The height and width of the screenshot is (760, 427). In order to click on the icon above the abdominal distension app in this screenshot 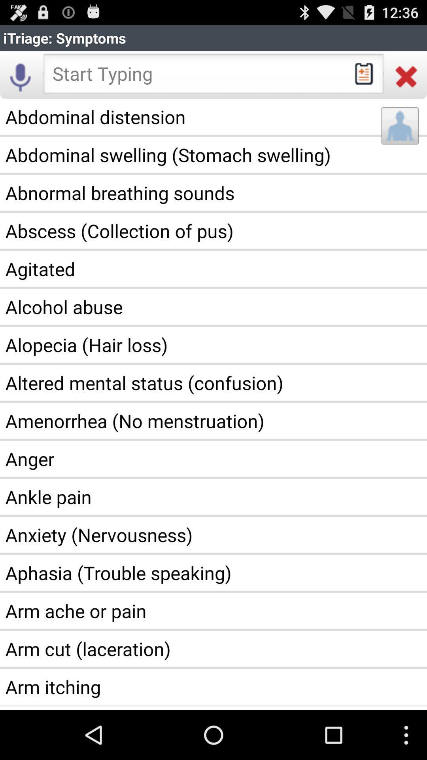, I will do `click(20, 76)`.